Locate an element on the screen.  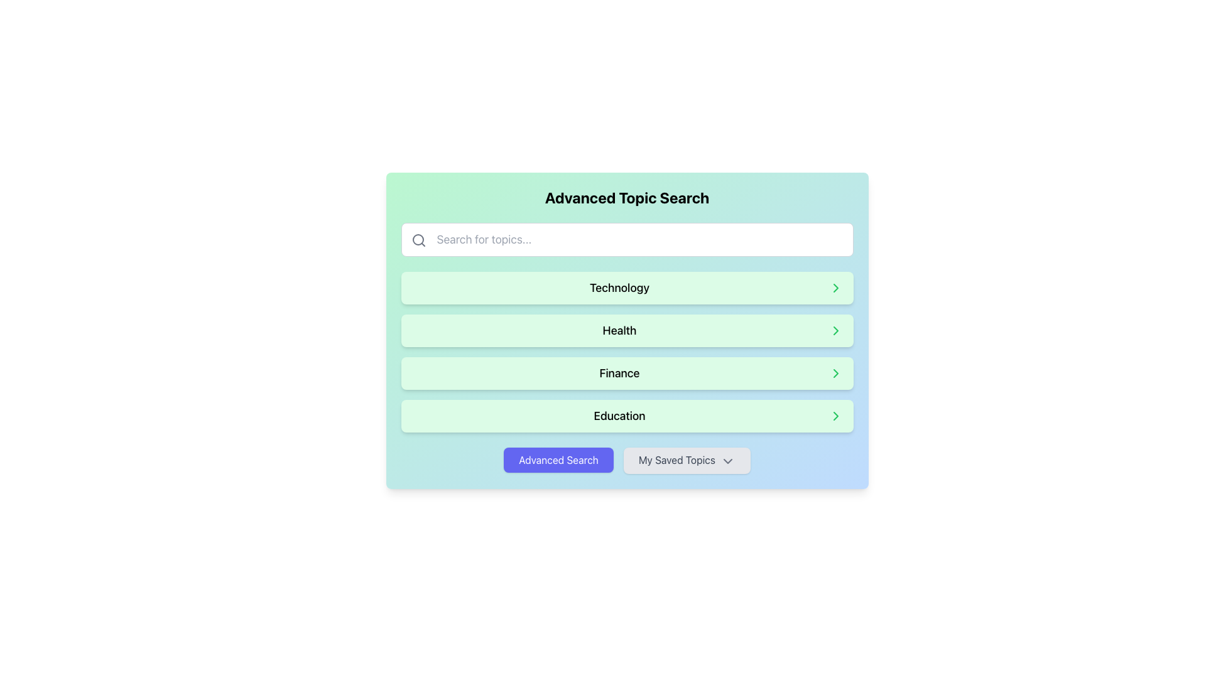
the 'Health' button, which is the second button in a vertical list of options including 'Technology', 'Finance', and 'Education' is located at coordinates (627, 330).